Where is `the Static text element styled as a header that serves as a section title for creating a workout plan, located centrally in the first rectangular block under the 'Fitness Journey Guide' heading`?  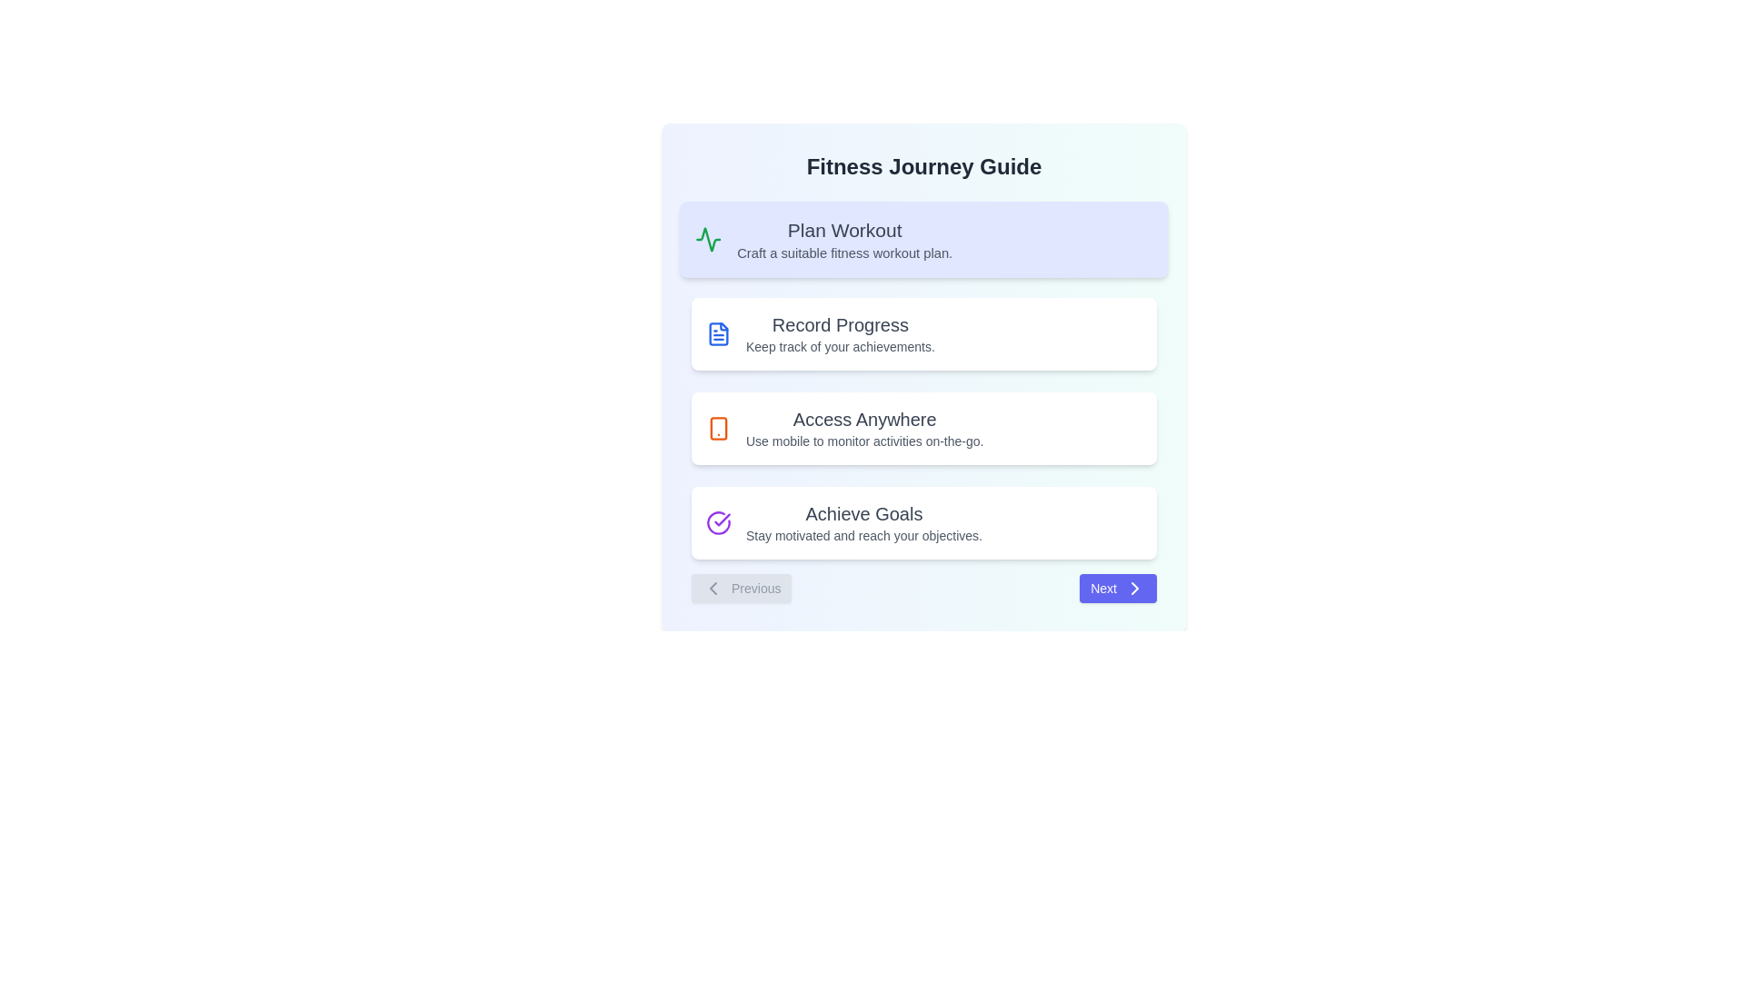 the Static text element styled as a header that serves as a section title for creating a workout plan, located centrally in the first rectangular block under the 'Fitness Journey Guide' heading is located at coordinates (843, 229).